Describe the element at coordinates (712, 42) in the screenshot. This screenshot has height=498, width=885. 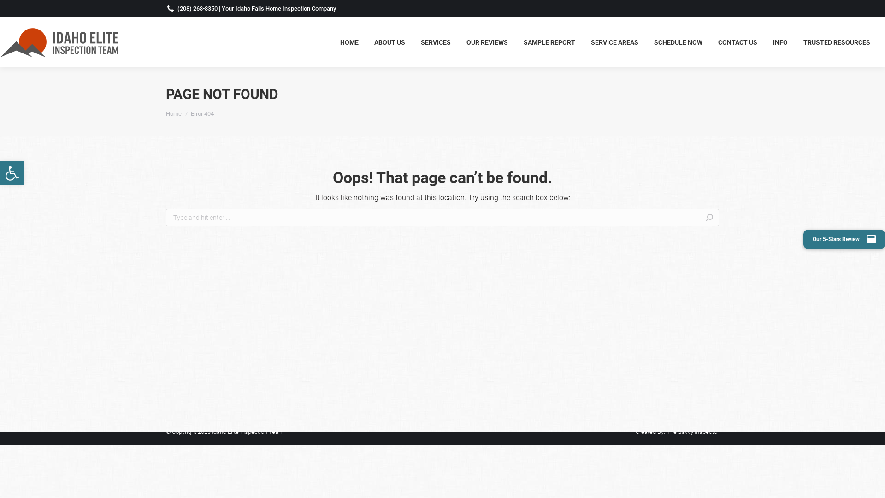
I see `'CONTACT US'` at that location.